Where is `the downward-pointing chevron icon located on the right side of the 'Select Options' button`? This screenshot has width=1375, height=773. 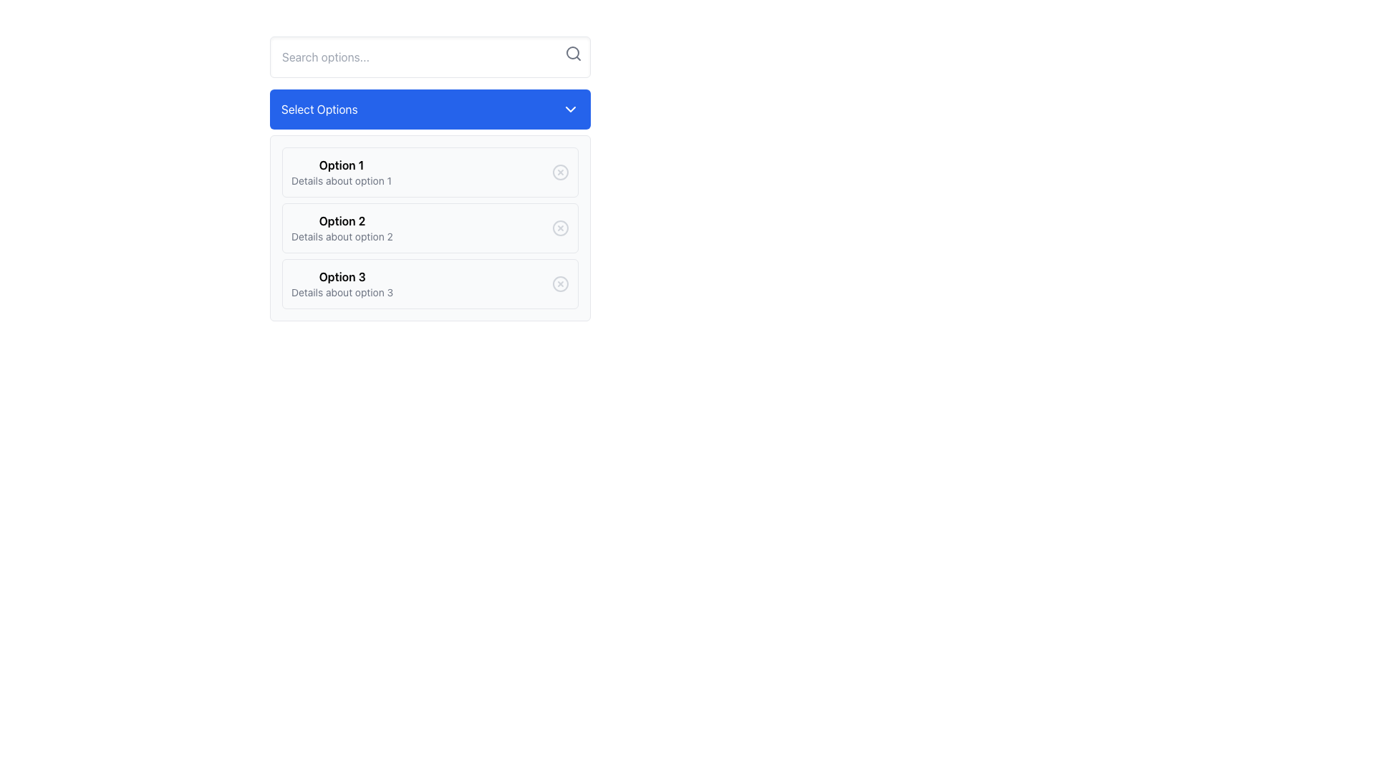
the downward-pointing chevron icon located on the right side of the 'Select Options' button is located at coordinates (569, 109).